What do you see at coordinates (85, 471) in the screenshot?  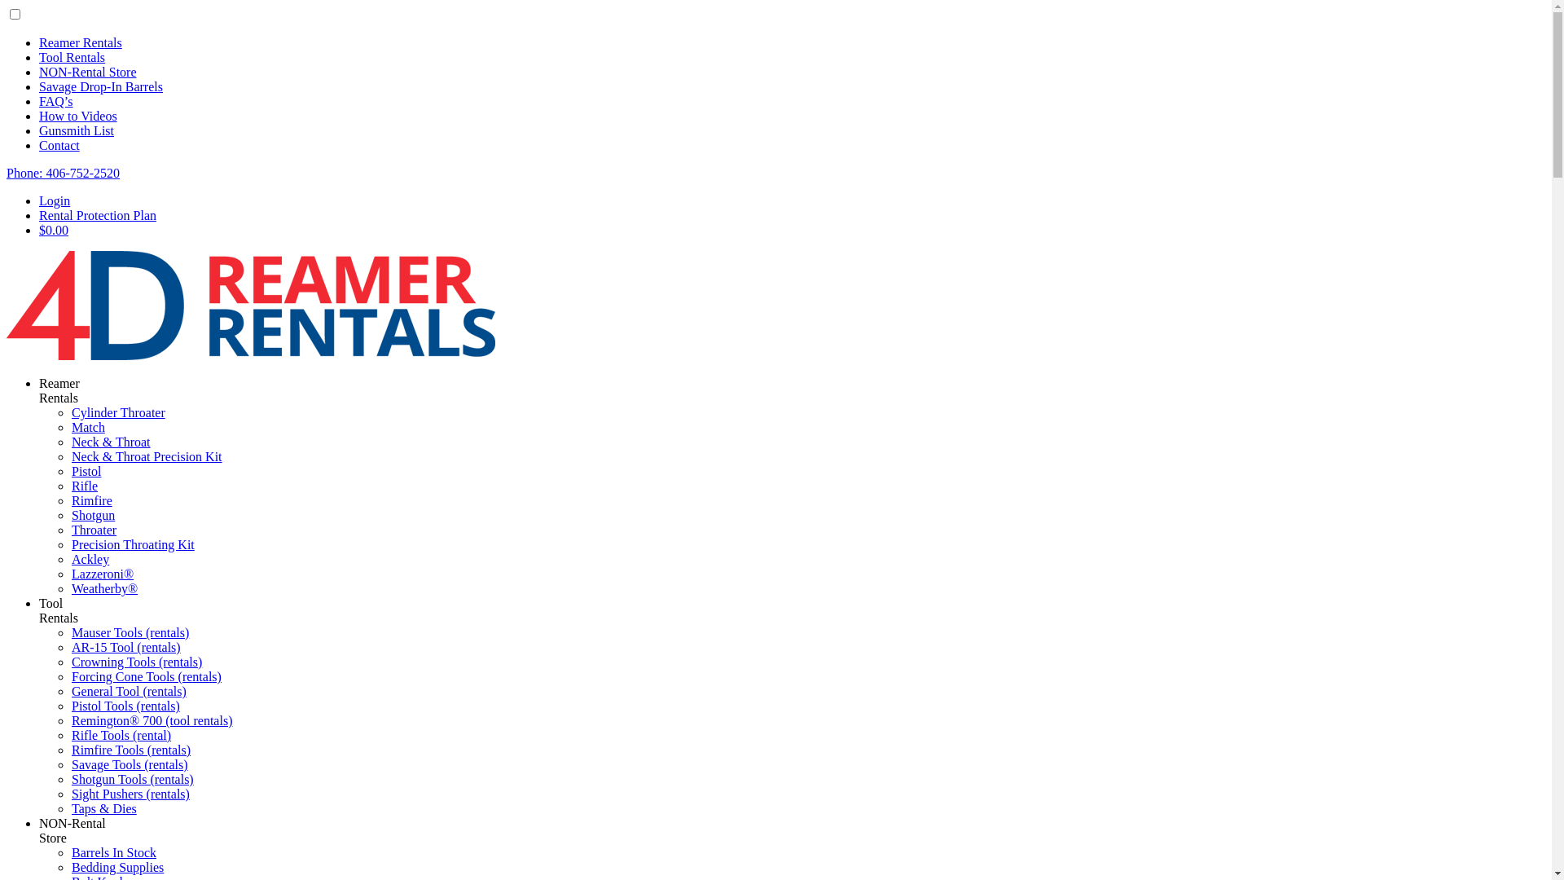 I see `'Pistol'` at bounding box center [85, 471].